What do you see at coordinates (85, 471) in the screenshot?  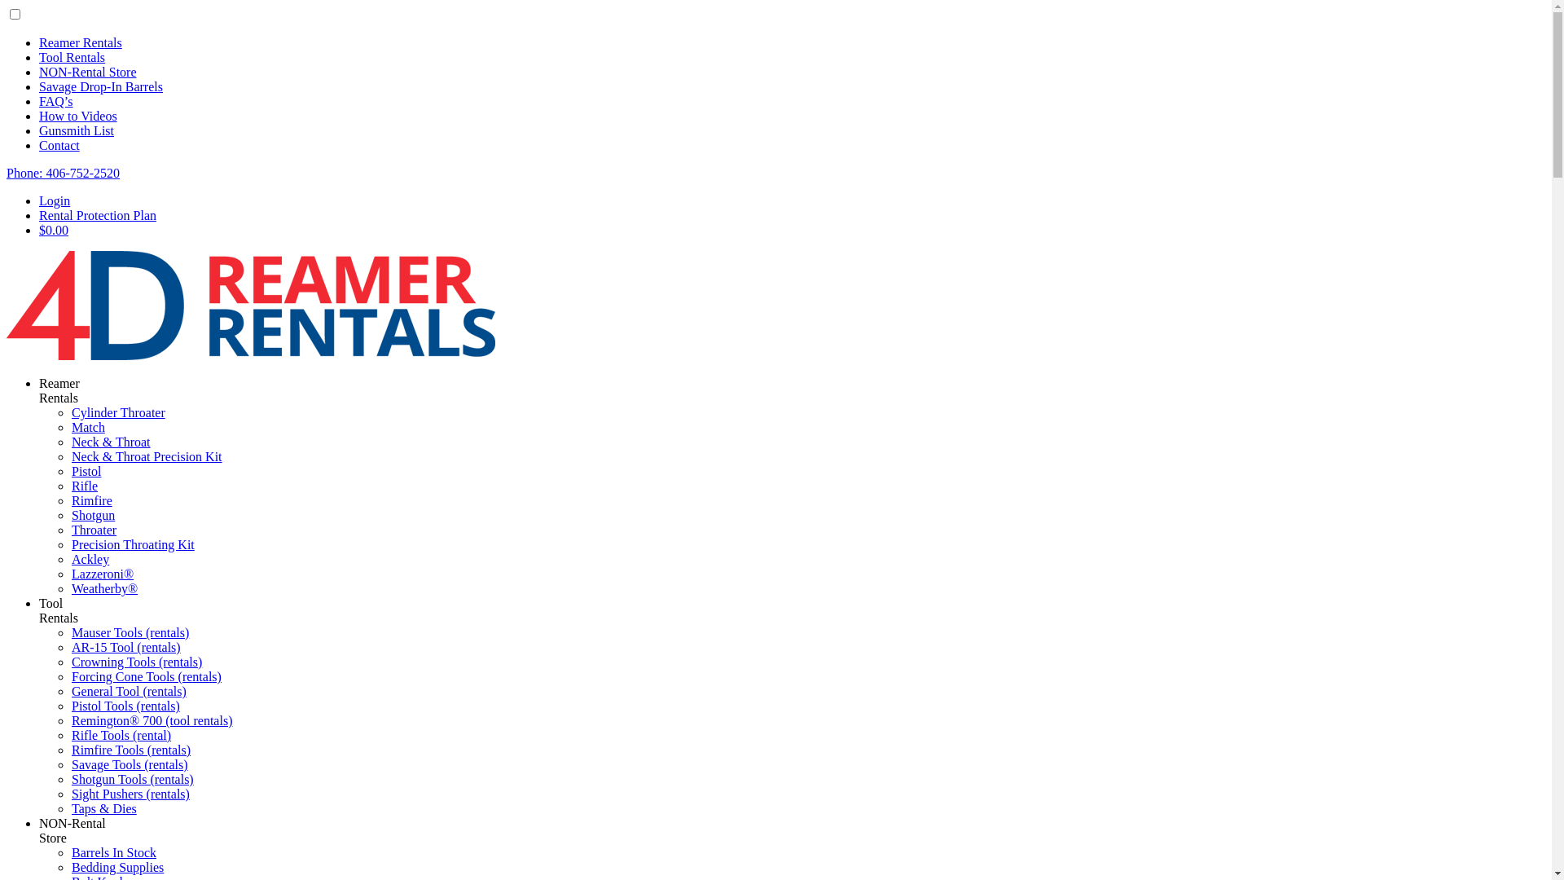 I see `'Pistol'` at bounding box center [85, 471].